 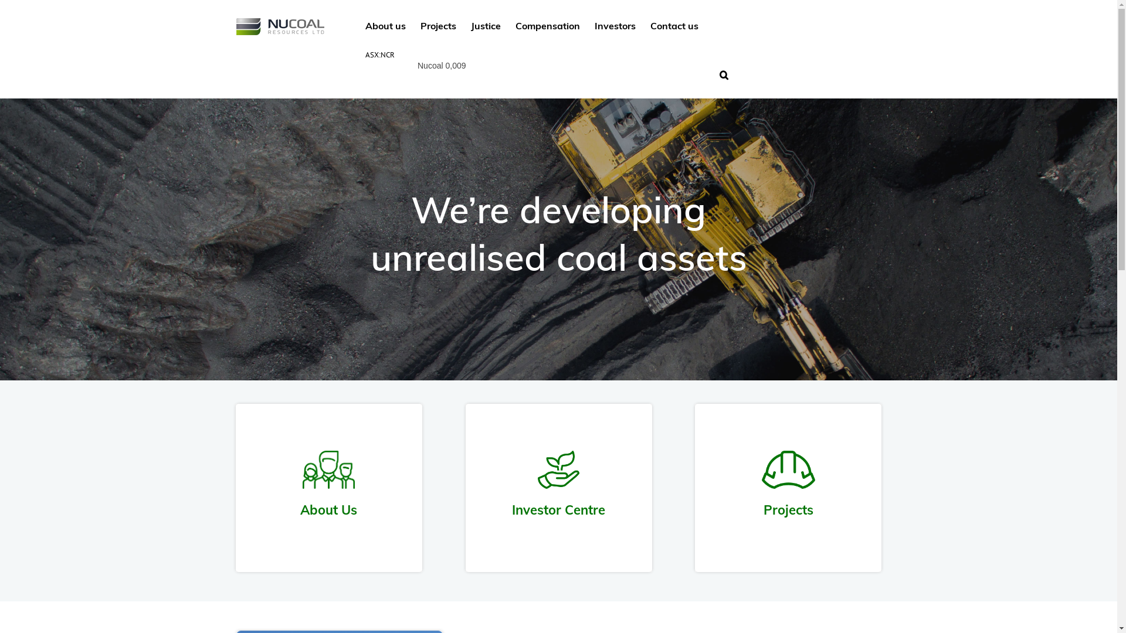 What do you see at coordinates (788, 469) in the screenshot?
I see `'Hardhat-icon-green'` at bounding box center [788, 469].